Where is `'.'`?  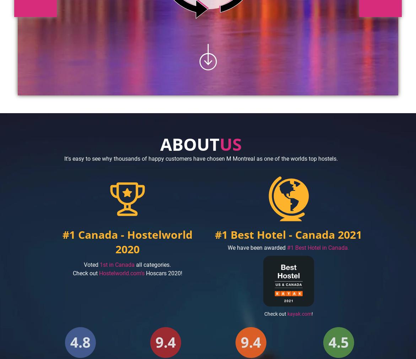 '.' is located at coordinates (347, 247).